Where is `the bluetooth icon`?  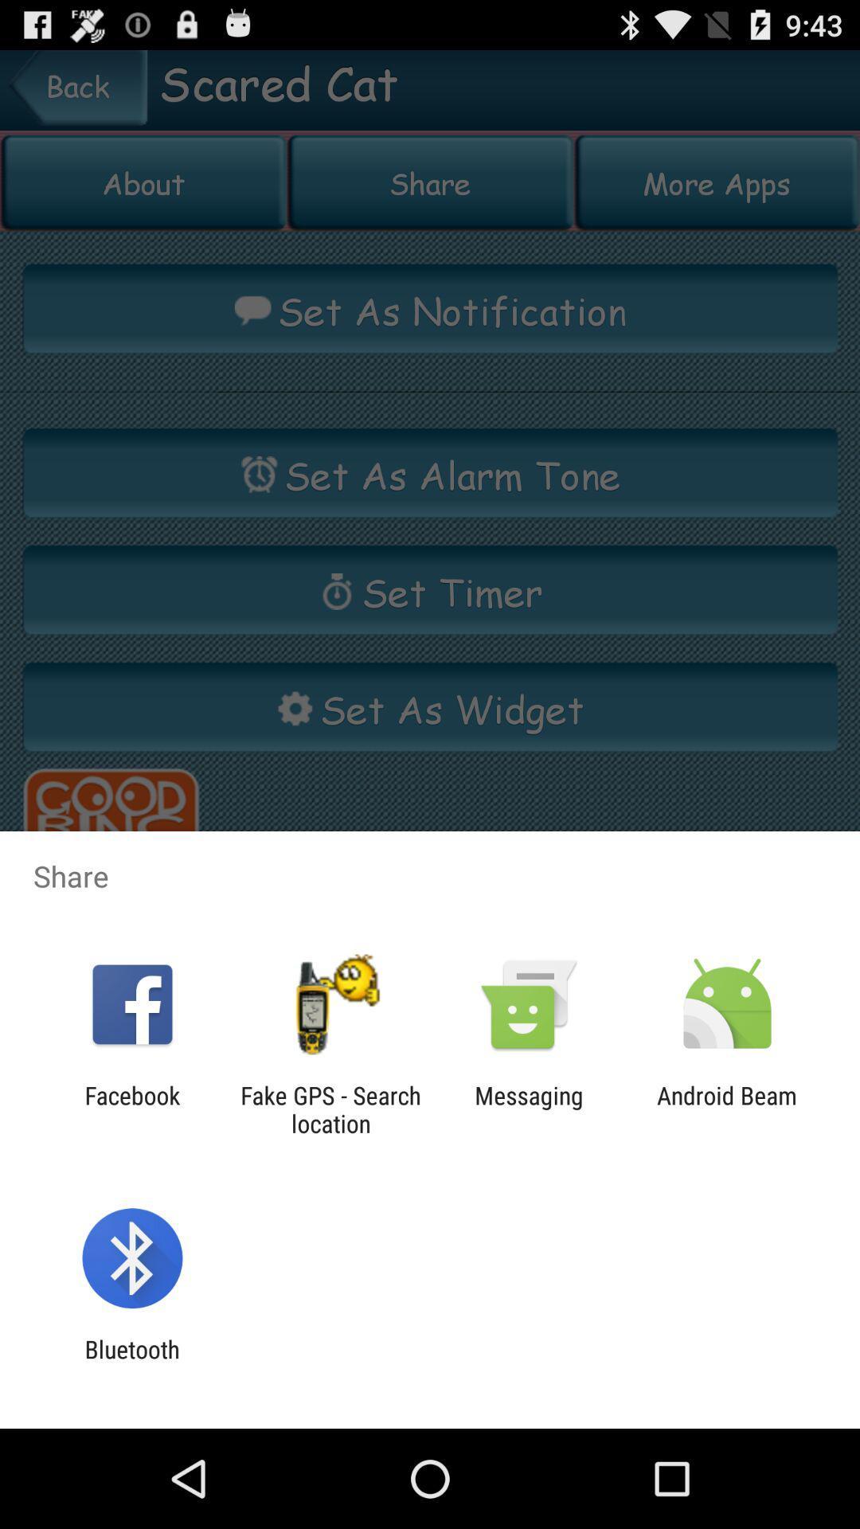
the bluetooth icon is located at coordinates (131, 1363).